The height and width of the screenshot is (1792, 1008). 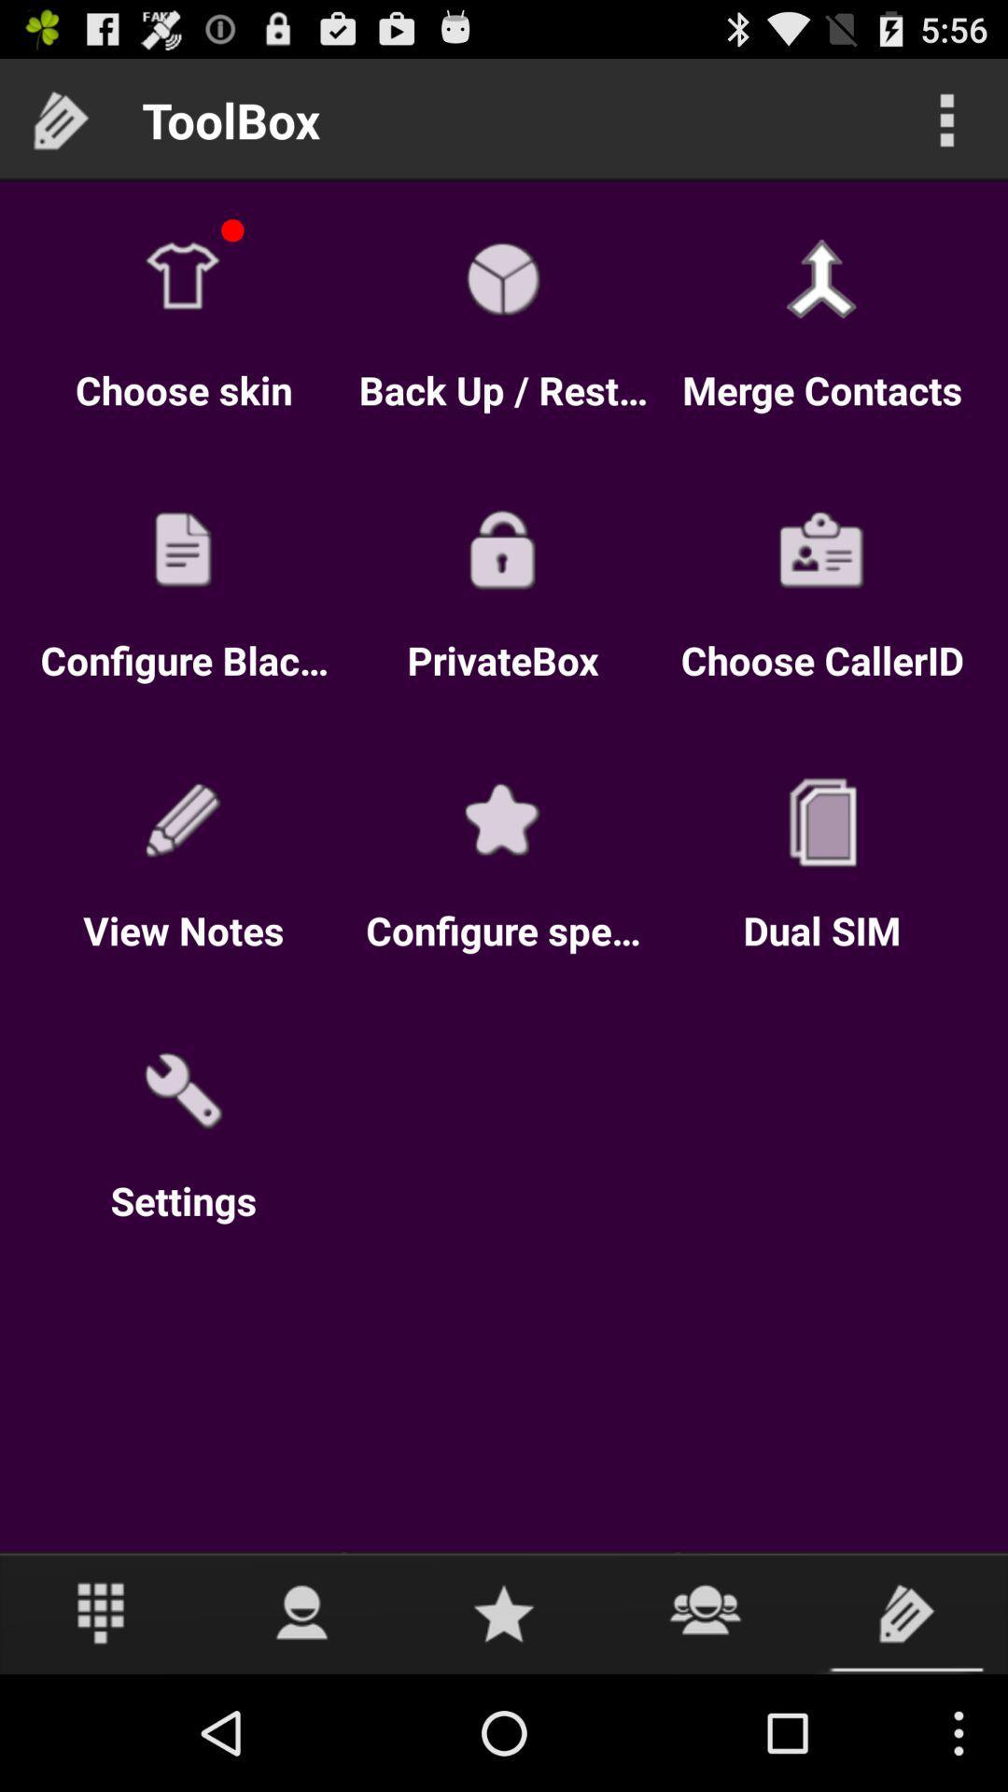 I want to click on your profile, so click(x=301, y=1612).